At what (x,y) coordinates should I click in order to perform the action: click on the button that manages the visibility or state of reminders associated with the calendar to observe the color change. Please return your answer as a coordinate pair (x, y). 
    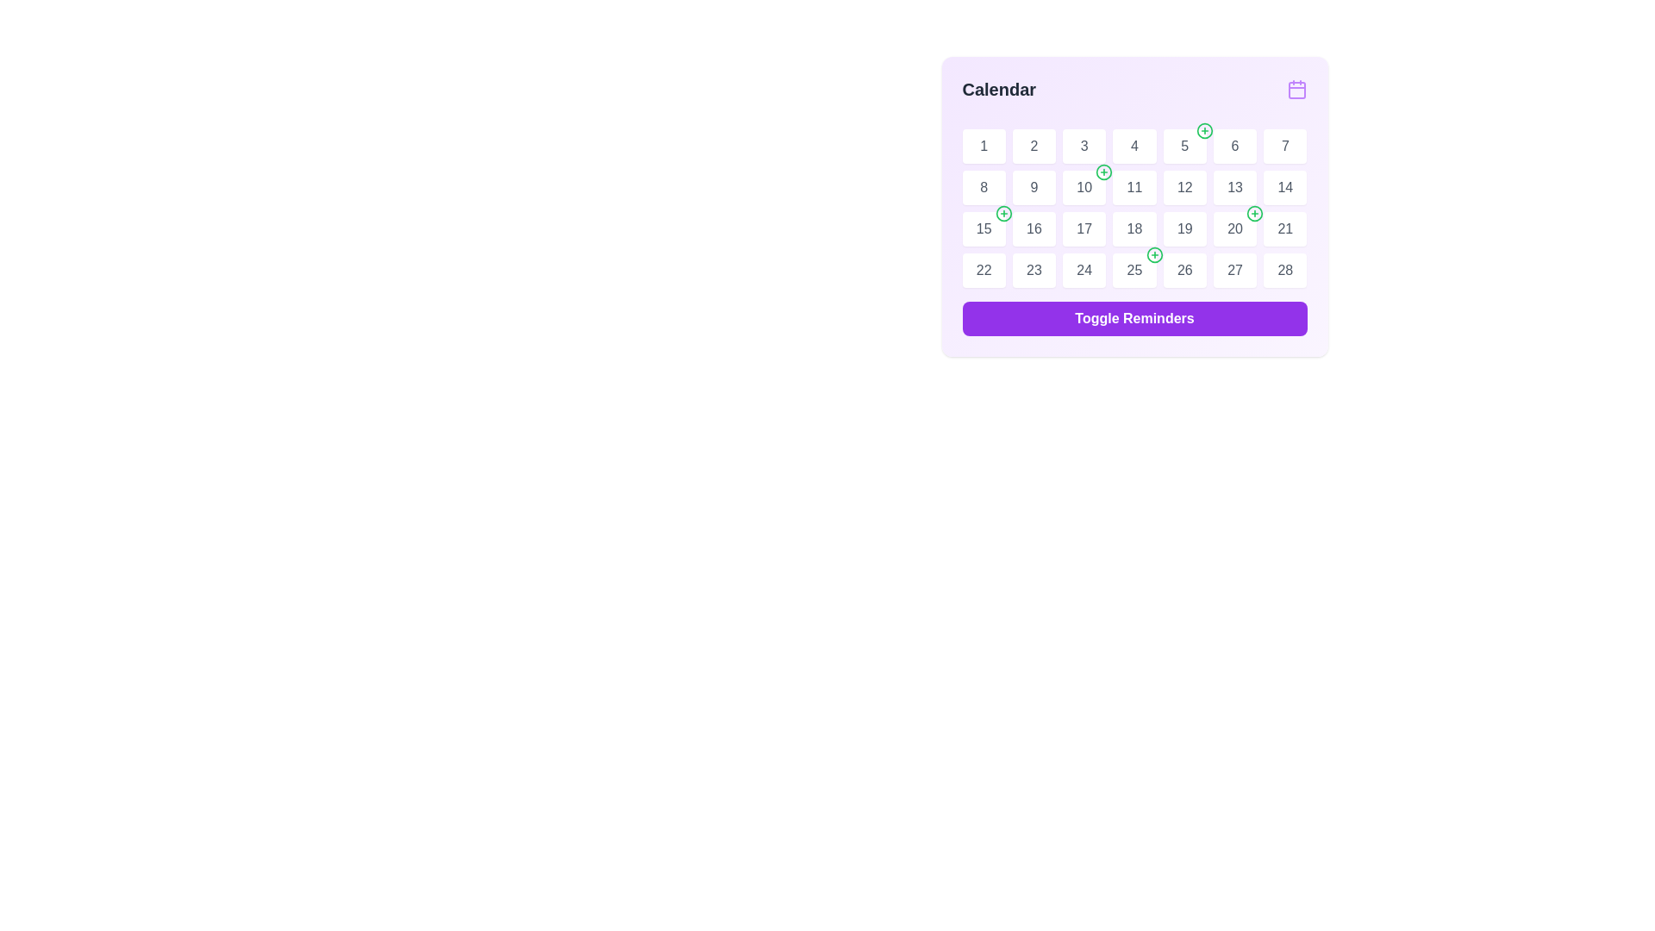
    Looking at the image, I should click on (1134, 319).